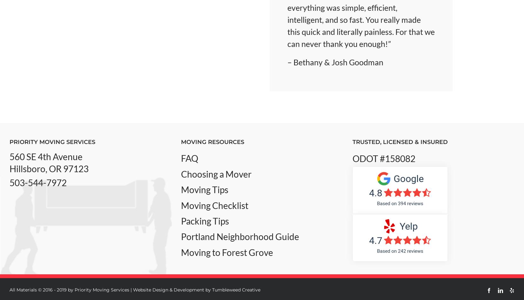 This screenshot has width=524, height=300. What do you see at coordinates (408, 226) in the screenshot?
I see `'Yelp'` at bounding box center [408, 226].